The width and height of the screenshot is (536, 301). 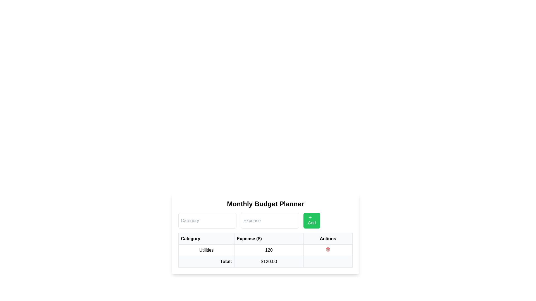 I want to click on the text label displaying '120' in the 'Expense ($)' column aligned with the 'Utilities' row in the table under 'Category Expense ($) Actions', so click(x=265, y=250).